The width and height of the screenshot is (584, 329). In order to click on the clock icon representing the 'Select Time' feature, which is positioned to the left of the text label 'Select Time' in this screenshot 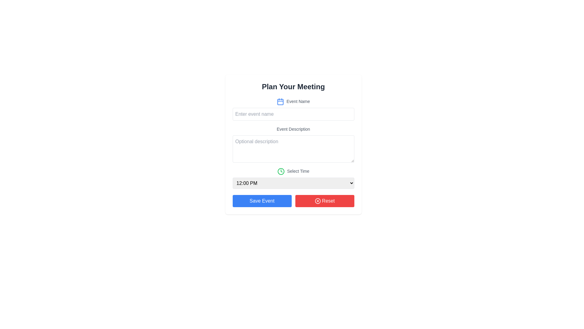, I will do `click(280, 171)`.